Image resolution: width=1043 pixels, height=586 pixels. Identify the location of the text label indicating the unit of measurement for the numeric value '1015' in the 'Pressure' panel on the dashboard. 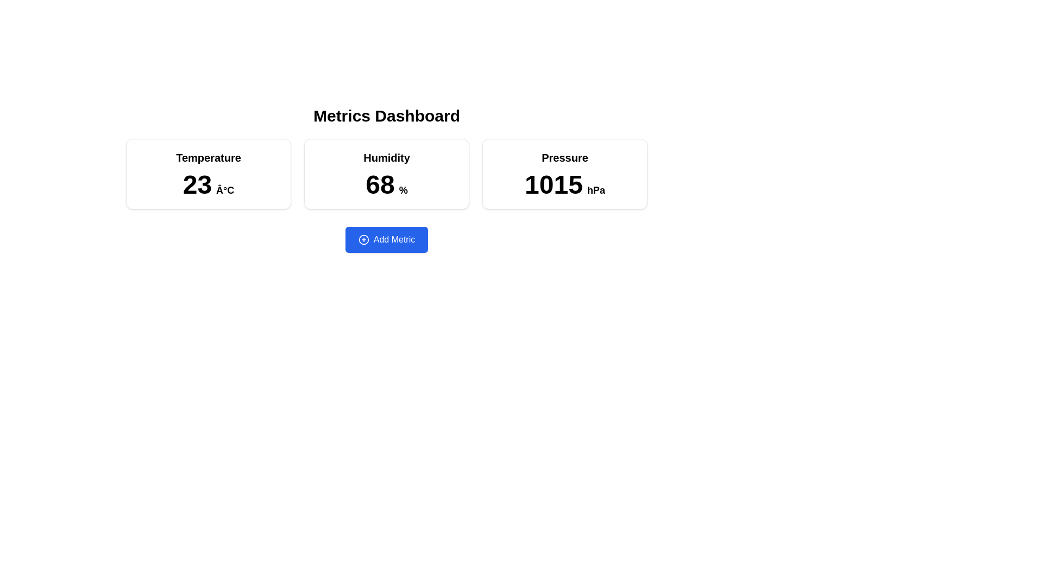
(595, 190).